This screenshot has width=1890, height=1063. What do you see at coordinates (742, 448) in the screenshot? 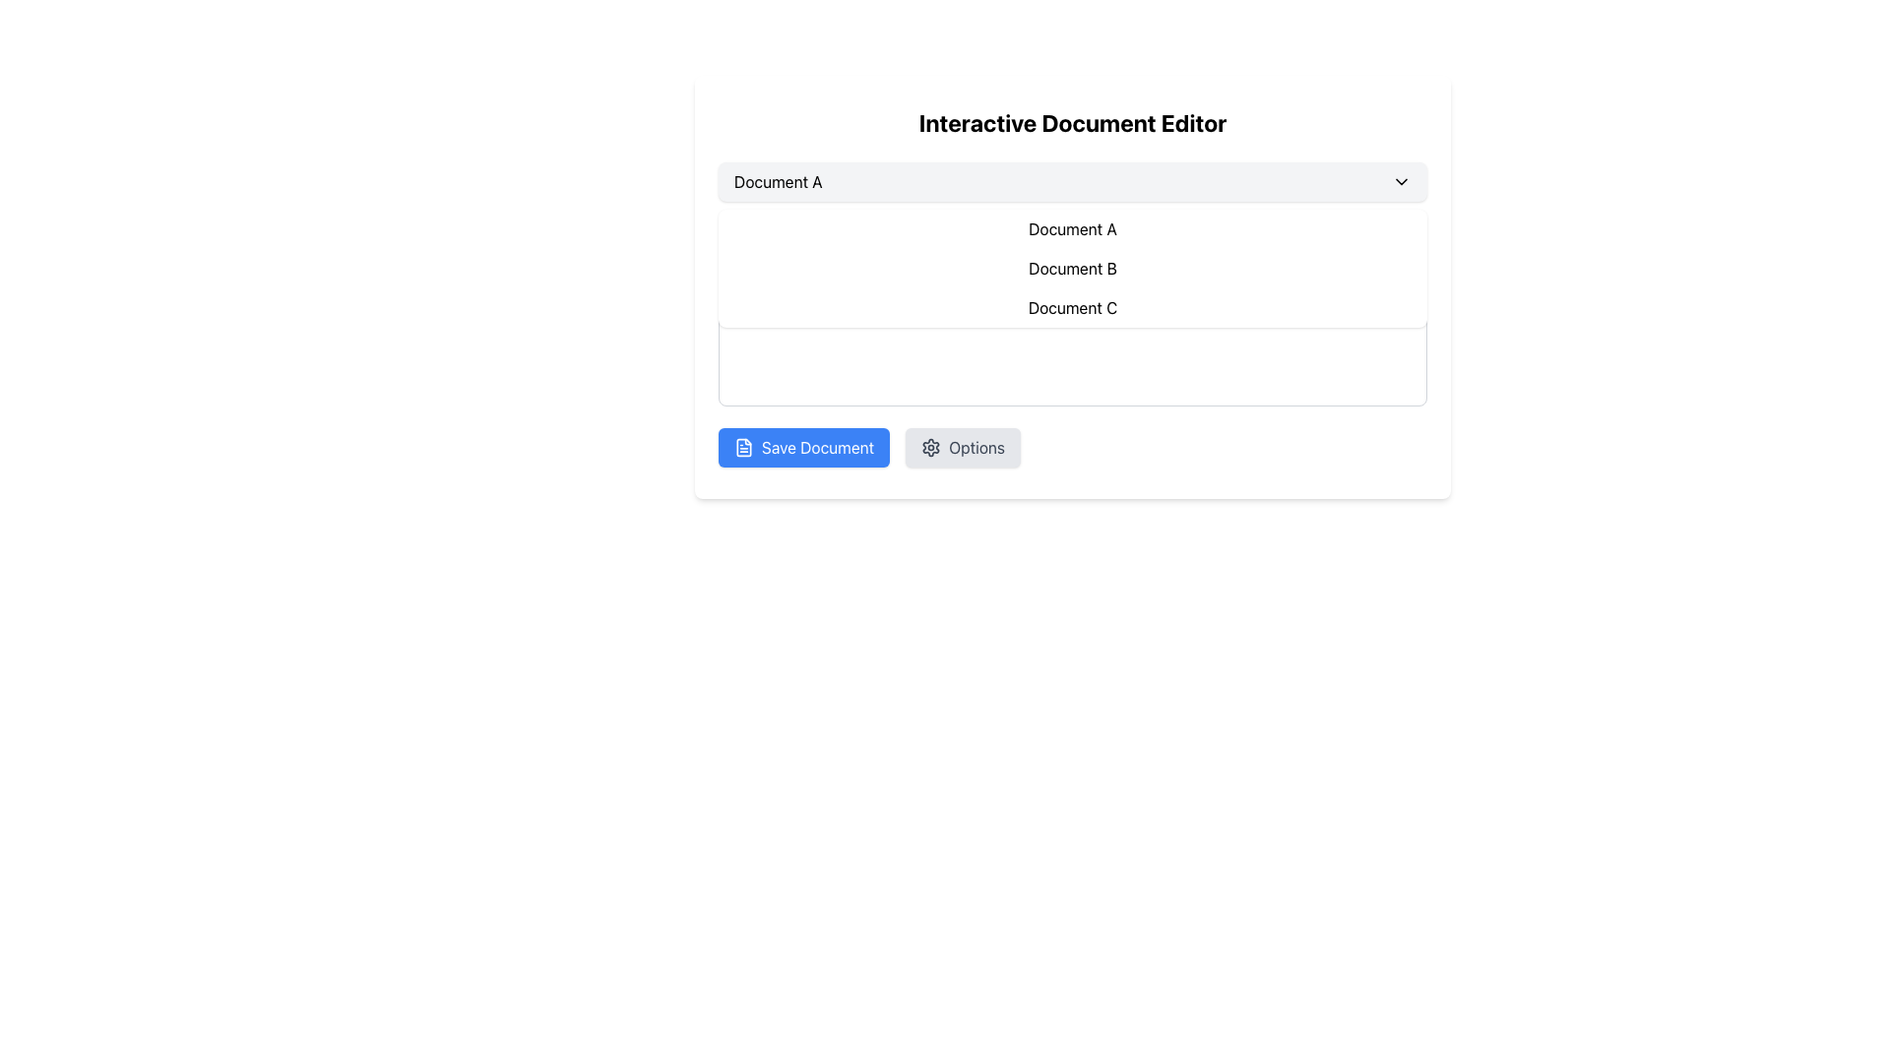
I see `the file icon, which is depicted with a document-like outline and located in the lower-left corner of the interface within the Save Document button` at bounding box center [742, 448].